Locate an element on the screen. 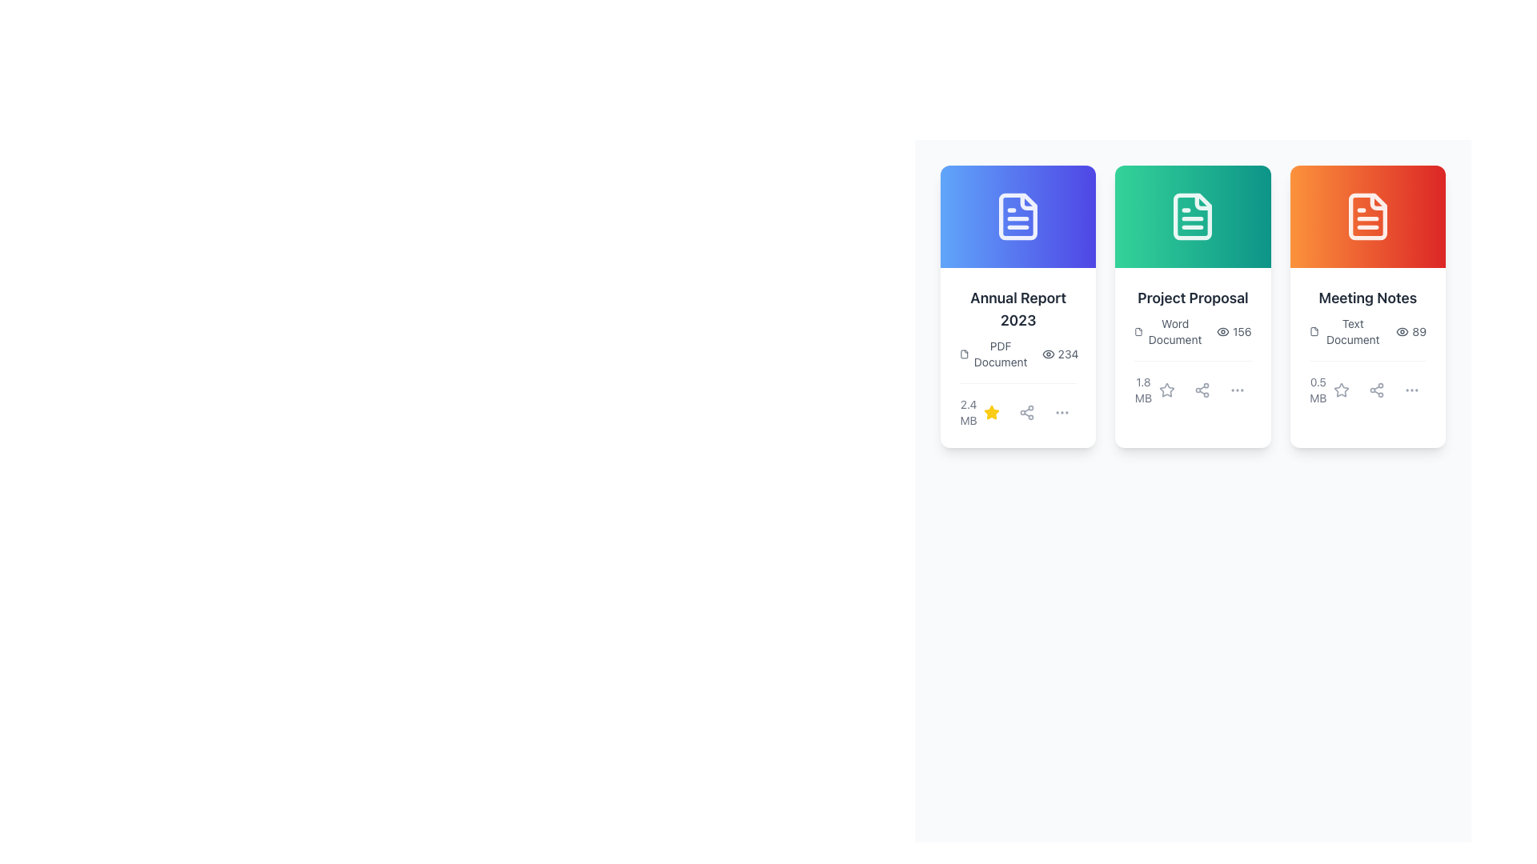  the document icon with a folded corner on the 'Project Proposal' card, which is centered at the top of the card and has a white icon on a green background is located at coordinates (1193, 216).